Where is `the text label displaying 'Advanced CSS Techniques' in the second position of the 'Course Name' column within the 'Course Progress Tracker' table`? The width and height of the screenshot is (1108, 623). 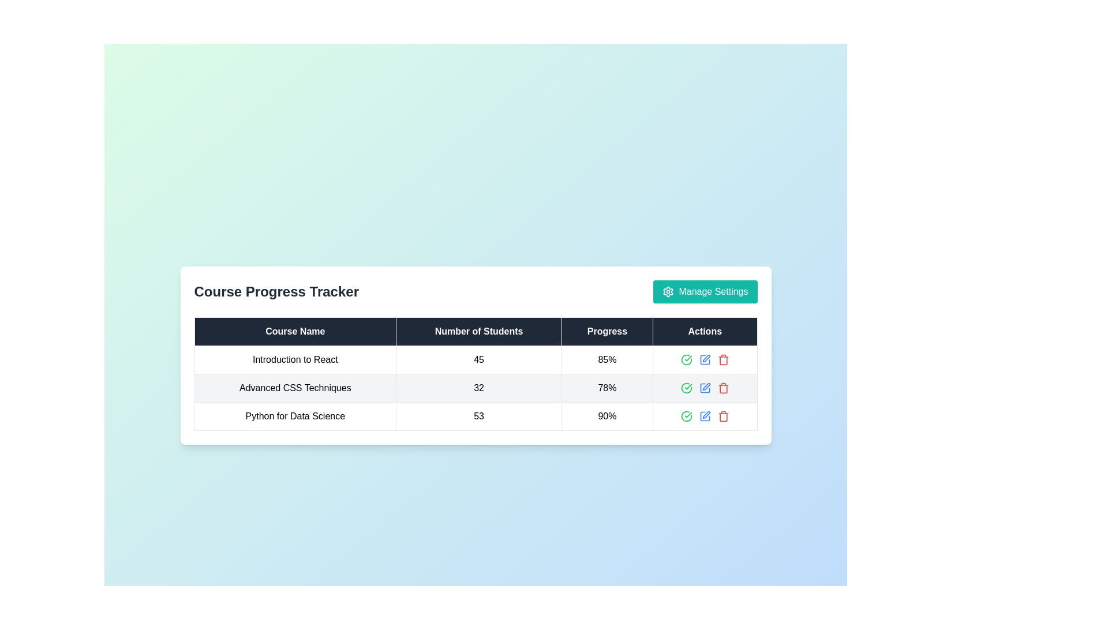 the text label displaying 'Advanced CSS Techniques' in the second position of the 'Course Name' column within the 'Course Progress Tracker' table is located at coordinates (295, 388).